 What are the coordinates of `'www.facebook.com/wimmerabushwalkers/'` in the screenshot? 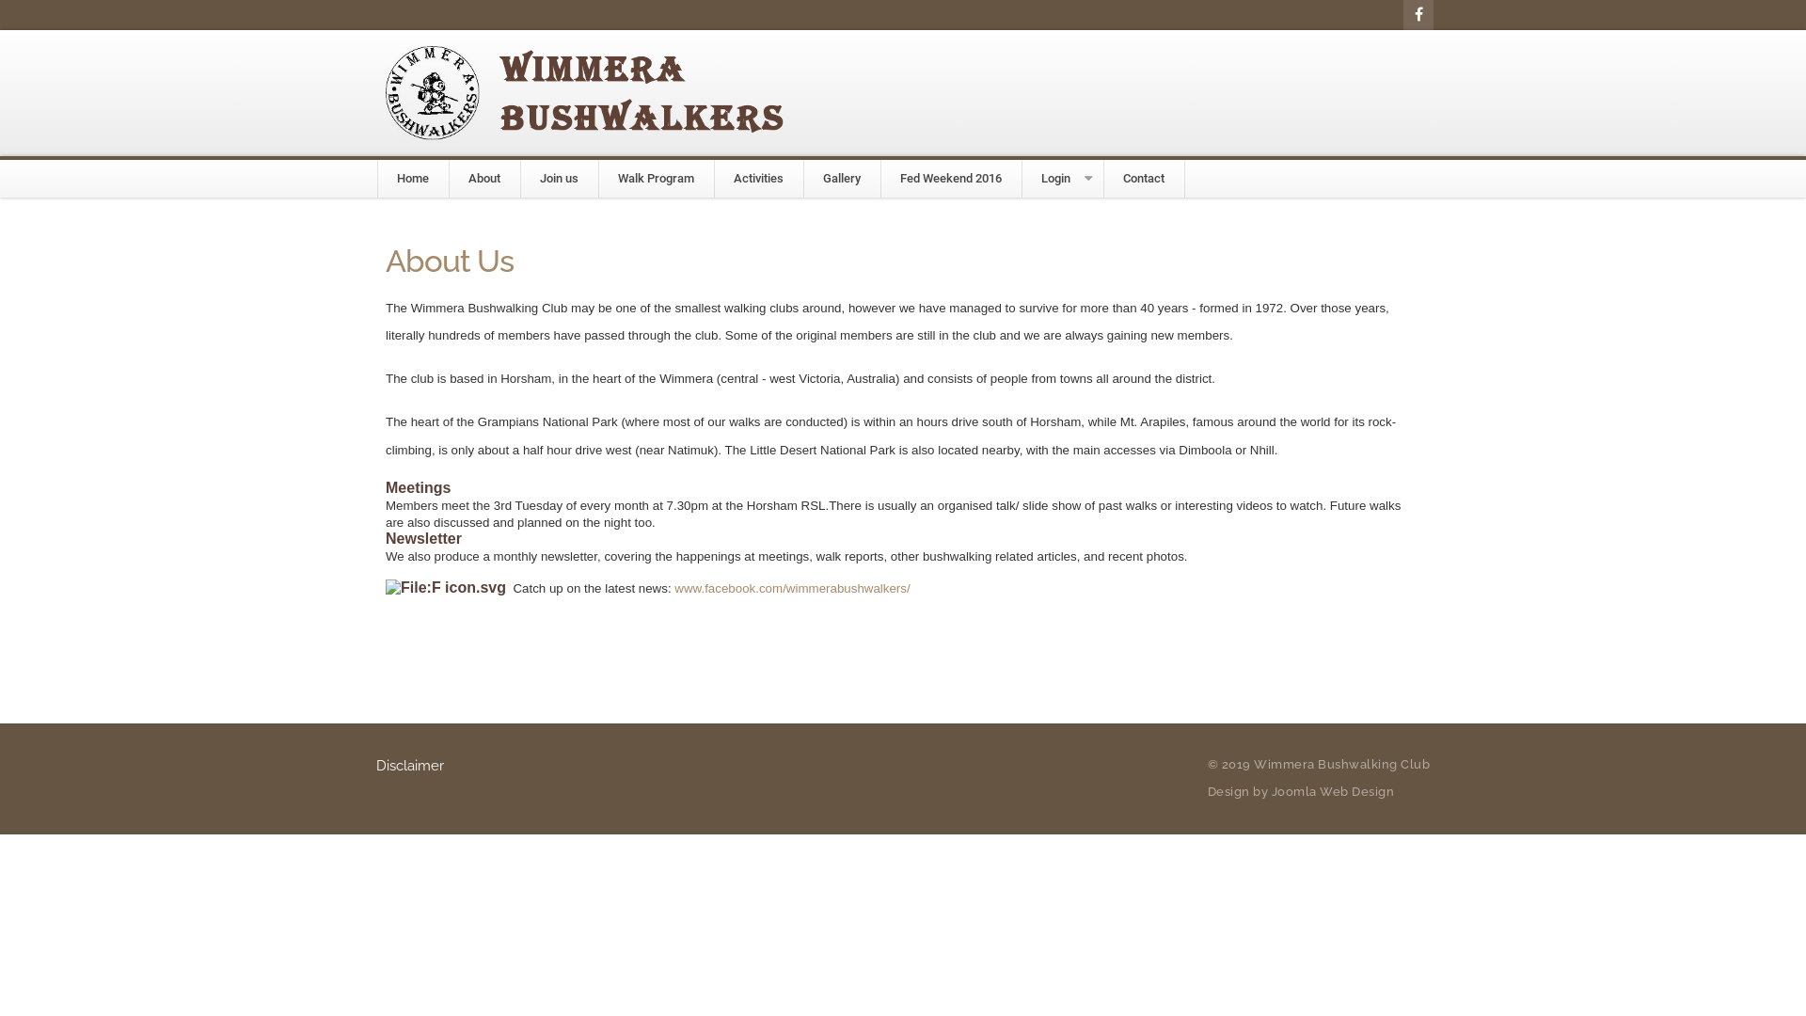 It's located at (673, 587).